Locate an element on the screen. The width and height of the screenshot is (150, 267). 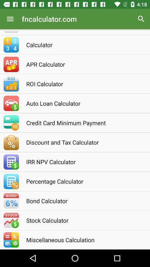
the bond calculator icon is located at coordinates (82, 201).